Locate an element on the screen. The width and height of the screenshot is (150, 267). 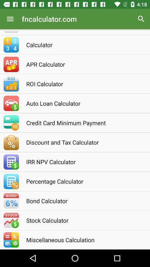
the bond calculator icon is located at coordinates (82, 201).